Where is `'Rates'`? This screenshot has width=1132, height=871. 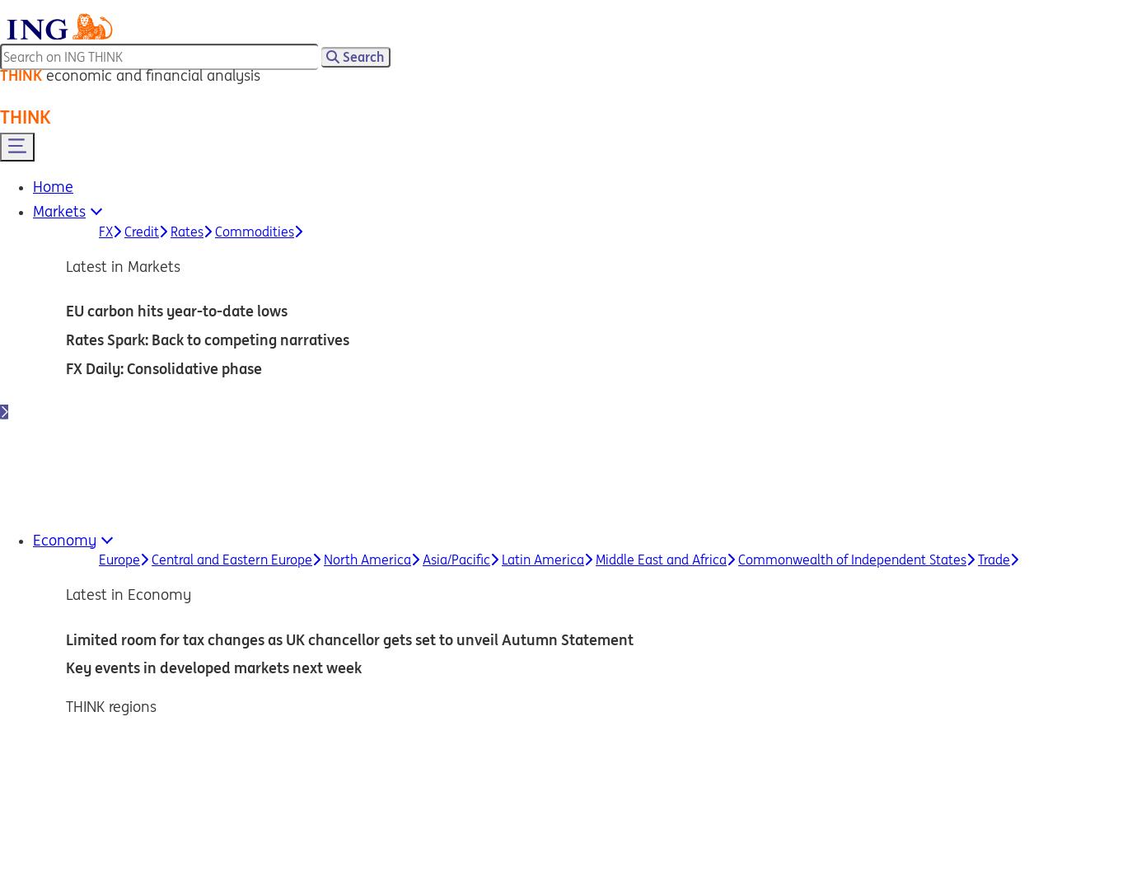
'Rates' is located at coordinates (185, 229).